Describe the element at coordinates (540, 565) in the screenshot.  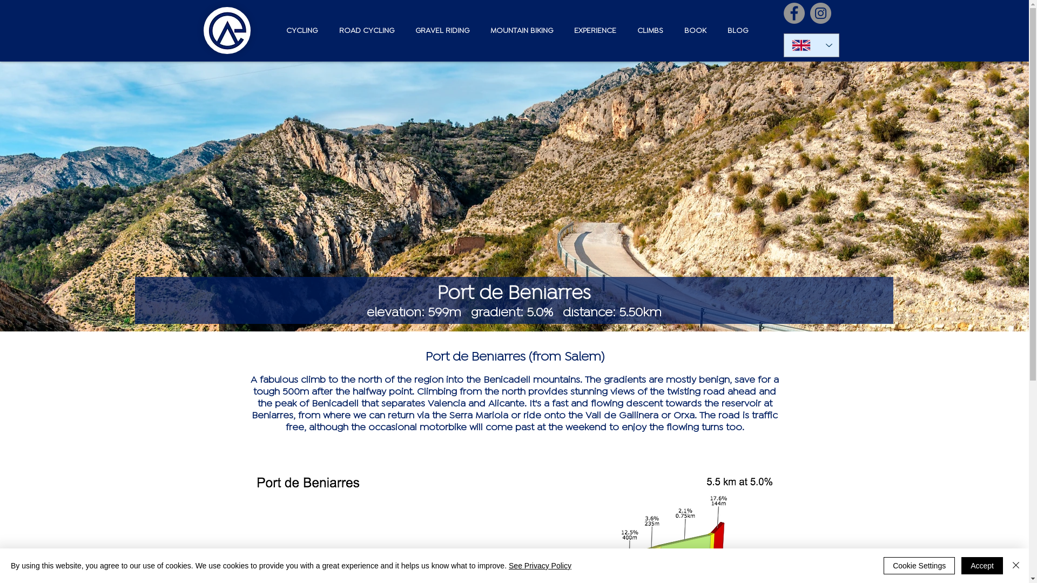
I see `'See Privacy Policy'` at that location.